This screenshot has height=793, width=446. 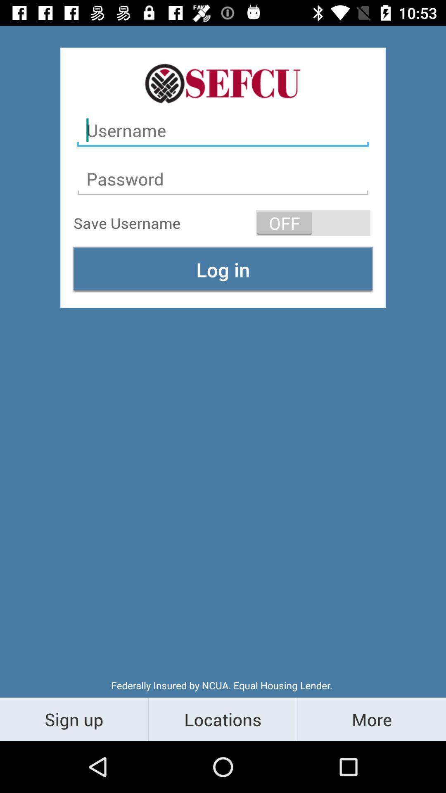 What do you see at coordinates (371, 719) in the screenshot?
I see `more icon` at bounding box center [371, 719].